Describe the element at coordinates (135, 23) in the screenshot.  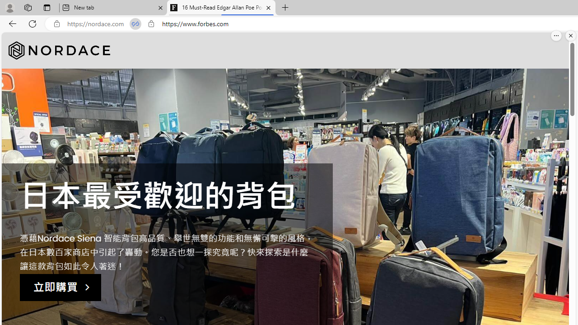
I see `'Tabs in split screen'` at that location.